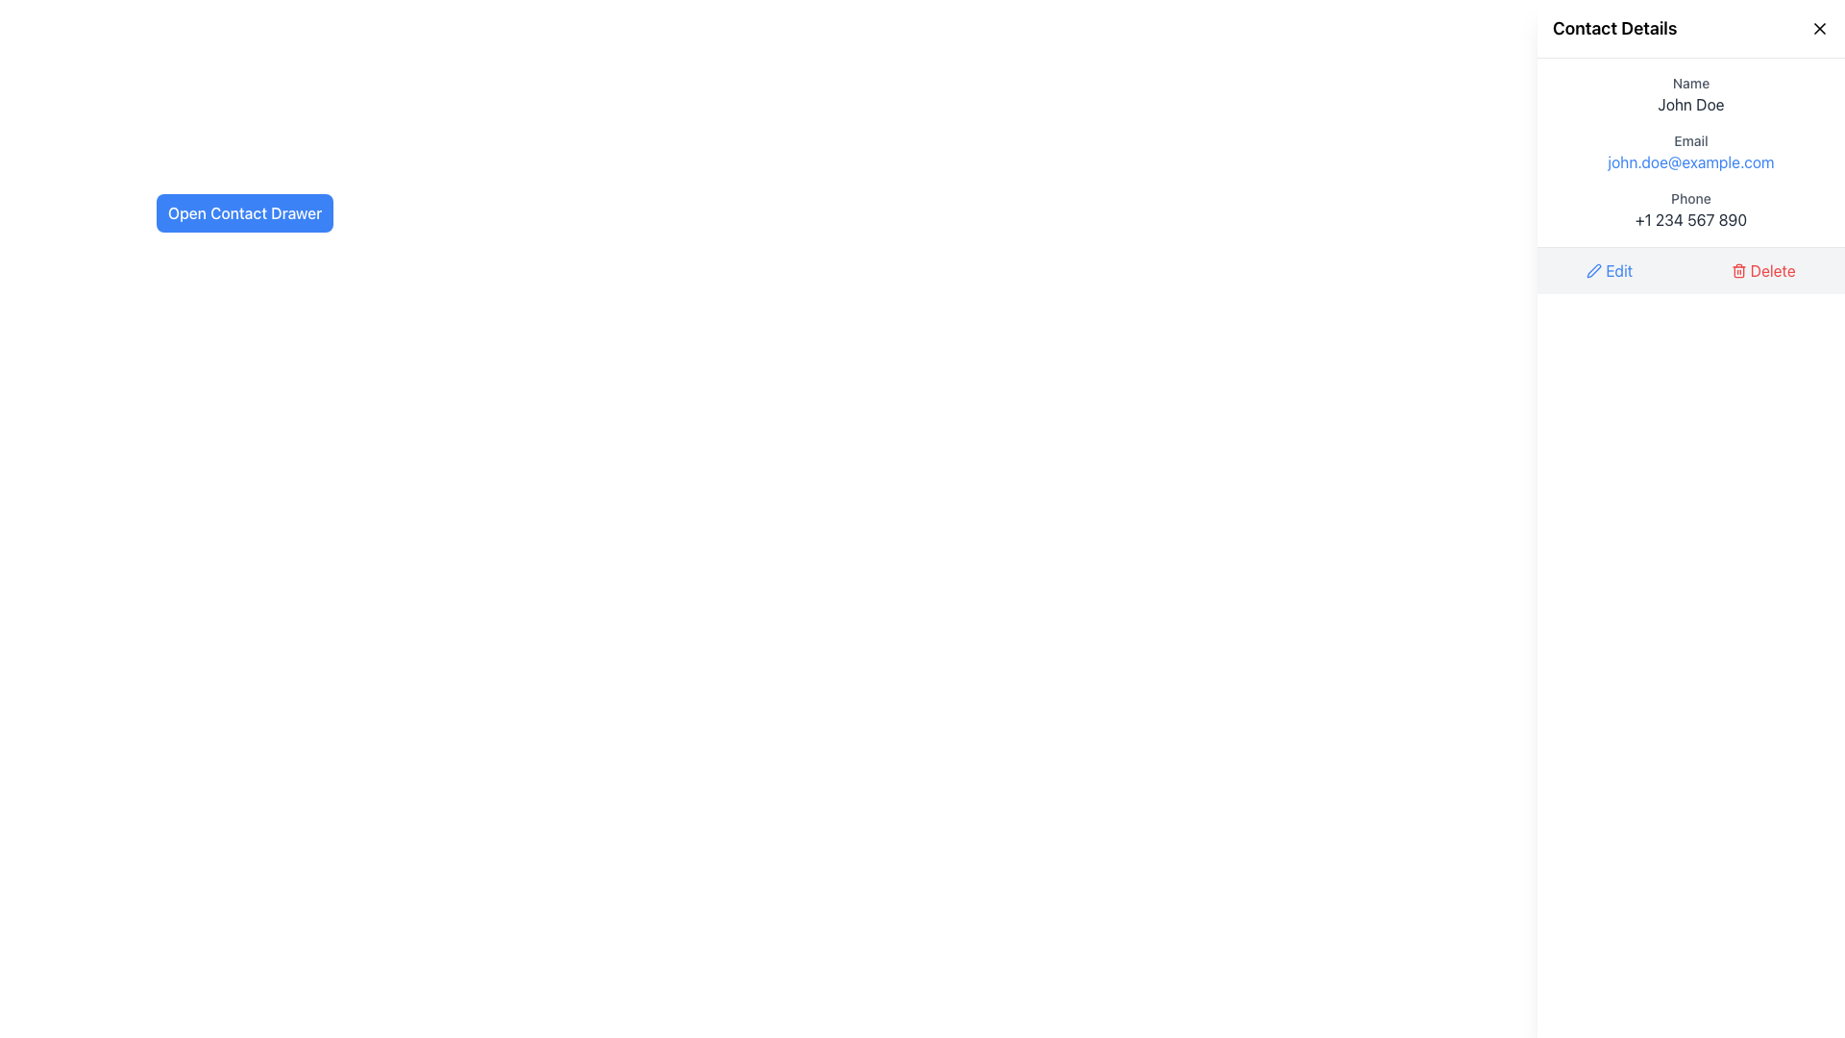 The image size is (1845, 1038). Describe the element at coordinates (1691, 210) in the screenshot. I see `the text display element that shows the contact phone number, located below the email address in the vertical list of contact details` at that location.